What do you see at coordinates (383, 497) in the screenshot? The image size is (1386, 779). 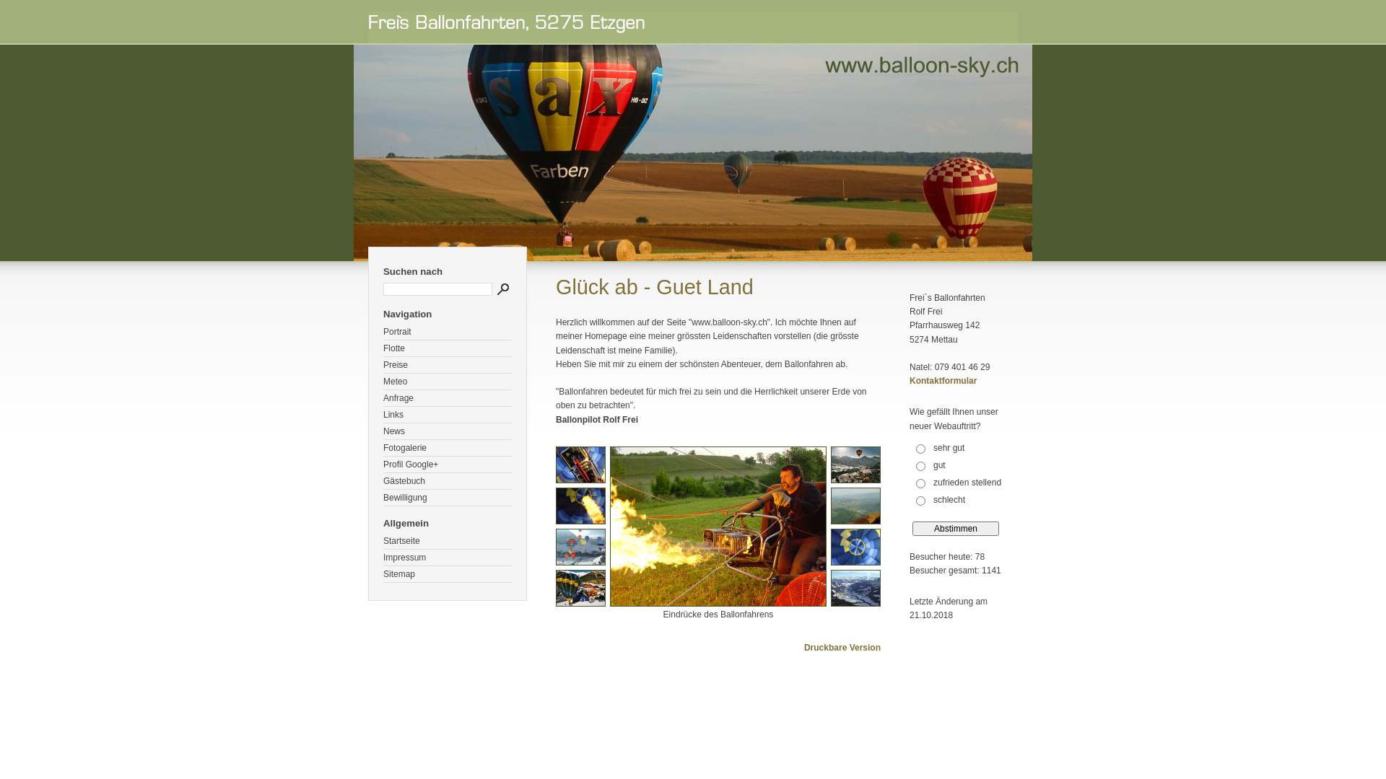 I see `'Bewilligung'` at bounding box center [383, 497].